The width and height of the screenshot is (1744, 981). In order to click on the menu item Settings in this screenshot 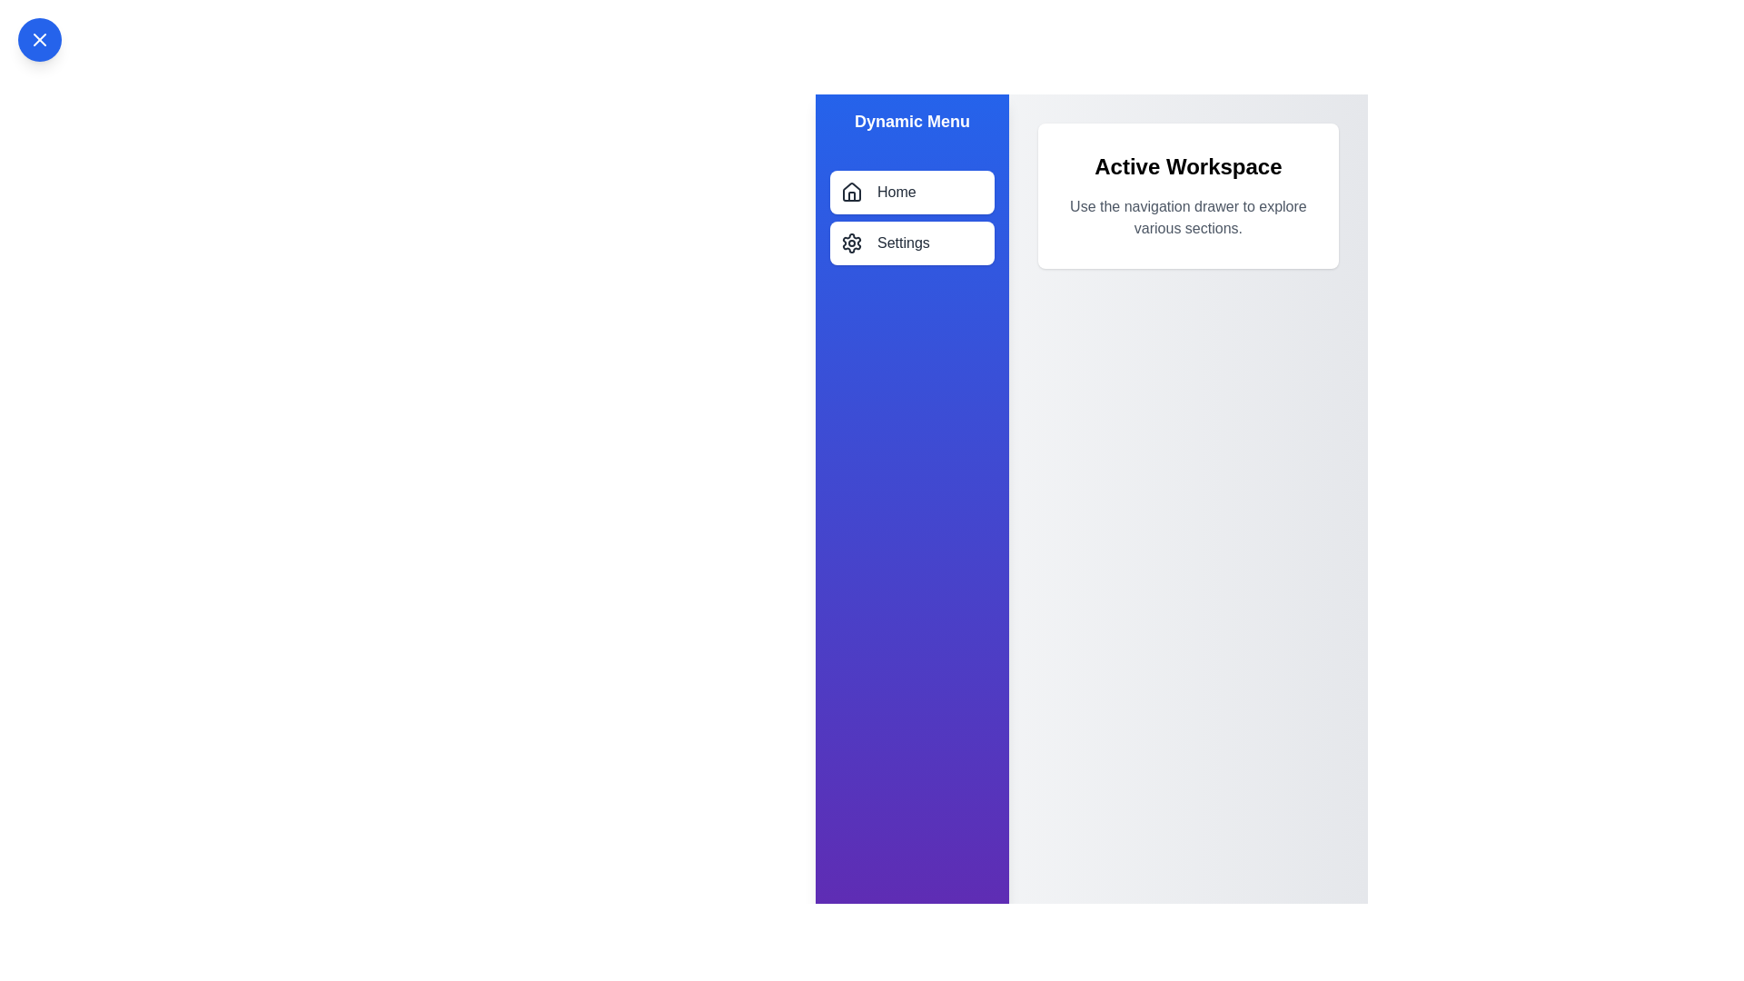, I will do `click(911, 242)`.